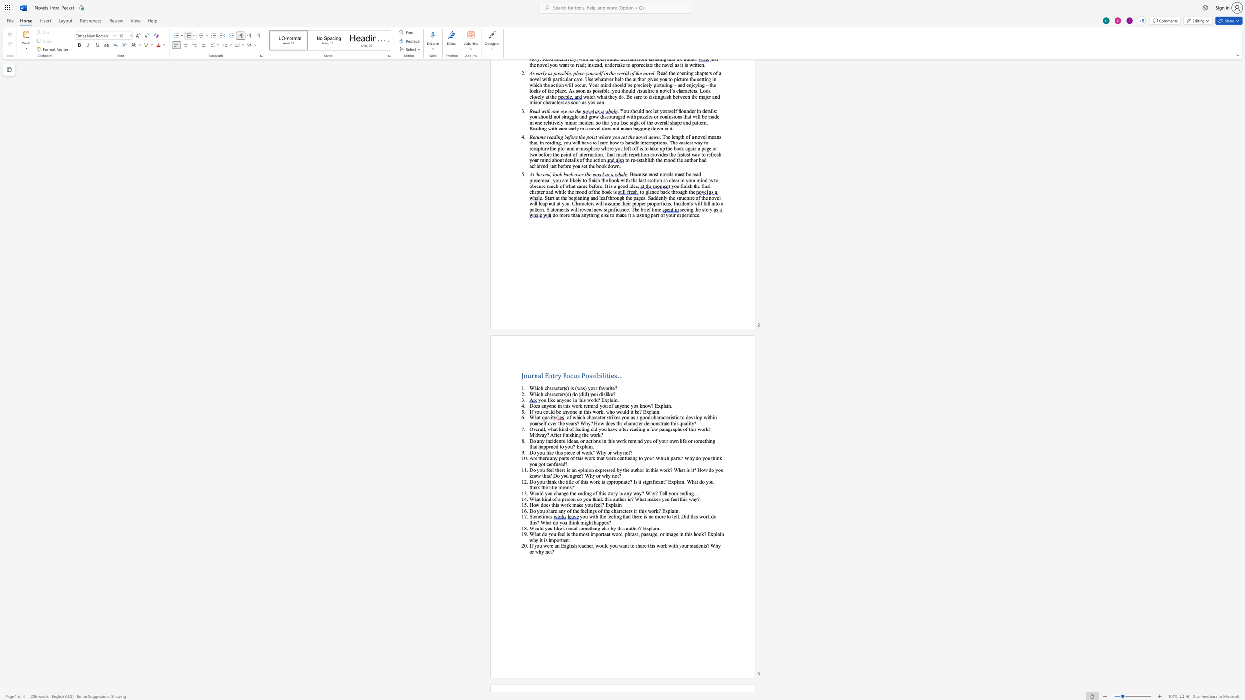  Describe the element at coordinates (541, 375) in the screenshot. I see `the space between the continuous character "a" and "l" in the text` at that location.